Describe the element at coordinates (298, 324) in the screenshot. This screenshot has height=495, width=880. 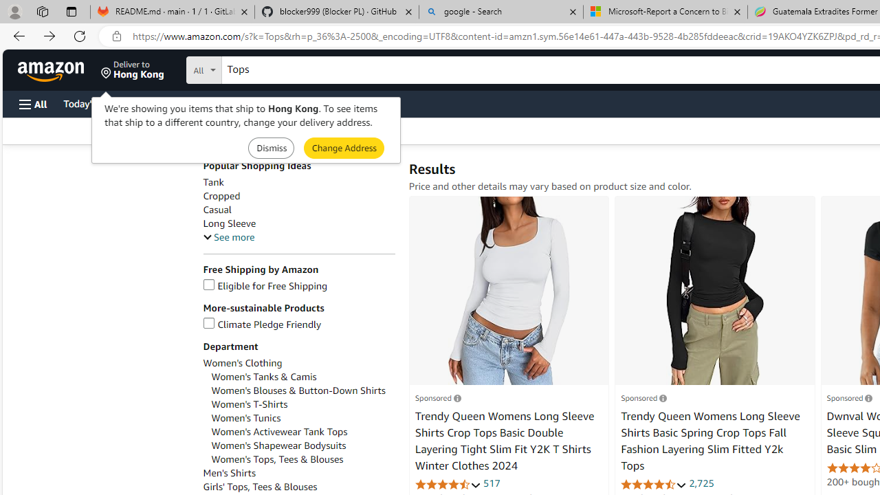
I see `'Climate Pledge Friendly'` at that location.